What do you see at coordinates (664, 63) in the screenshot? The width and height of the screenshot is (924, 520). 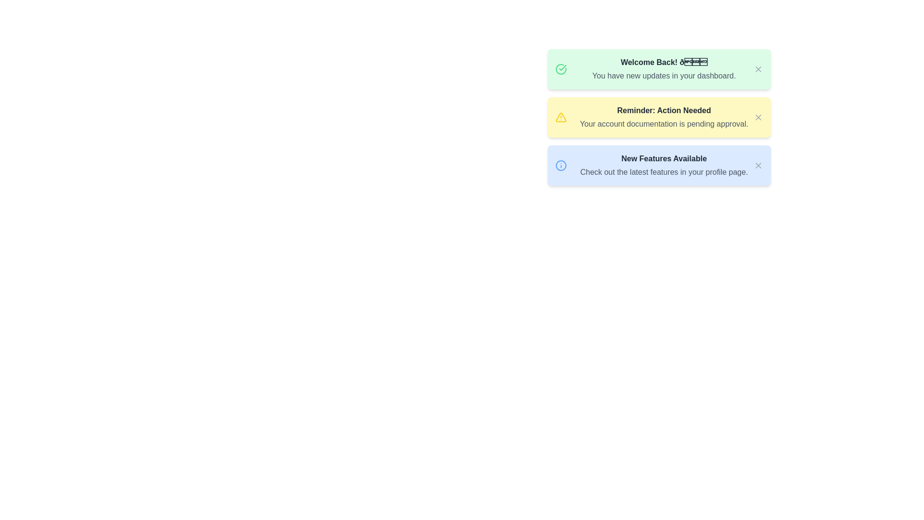 I see `the static text displaying 'Welcome Back! 🎉' in bold dark gray font, located at the top center of the green notification card` at bounding box center [664, 63].